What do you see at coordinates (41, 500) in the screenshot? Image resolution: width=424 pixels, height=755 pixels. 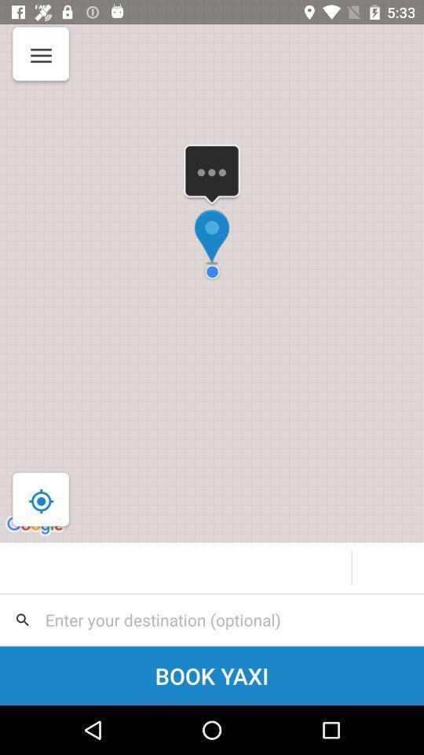 I see `the location_crosshair icon` at bounding box center [41, 500].